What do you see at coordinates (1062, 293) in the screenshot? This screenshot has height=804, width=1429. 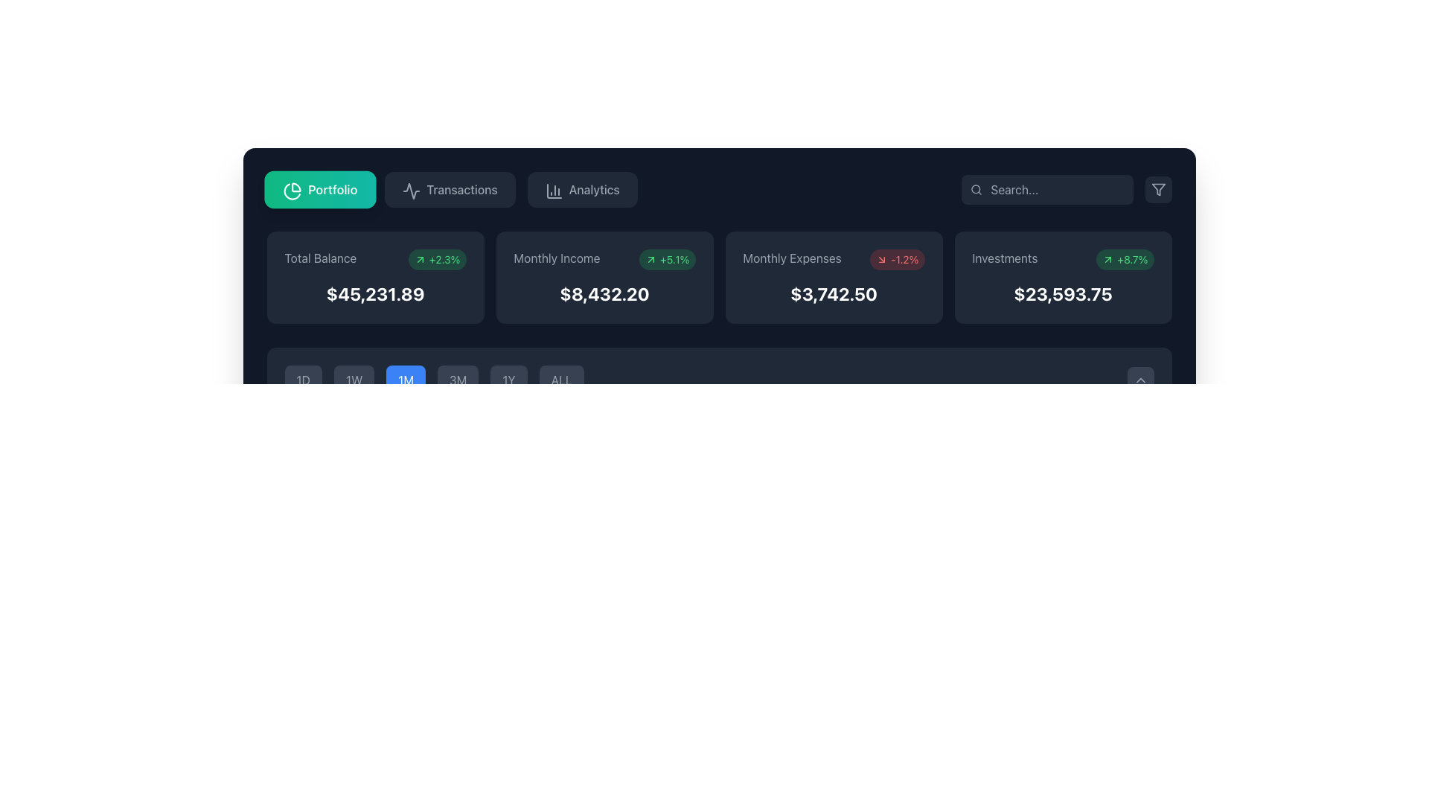 I see `the prominent monetary value text label displaying '$23,593.75' located within the 'Investments' card, positioned beneath the '+8.7%' text` at bounding box center [1062, 293].